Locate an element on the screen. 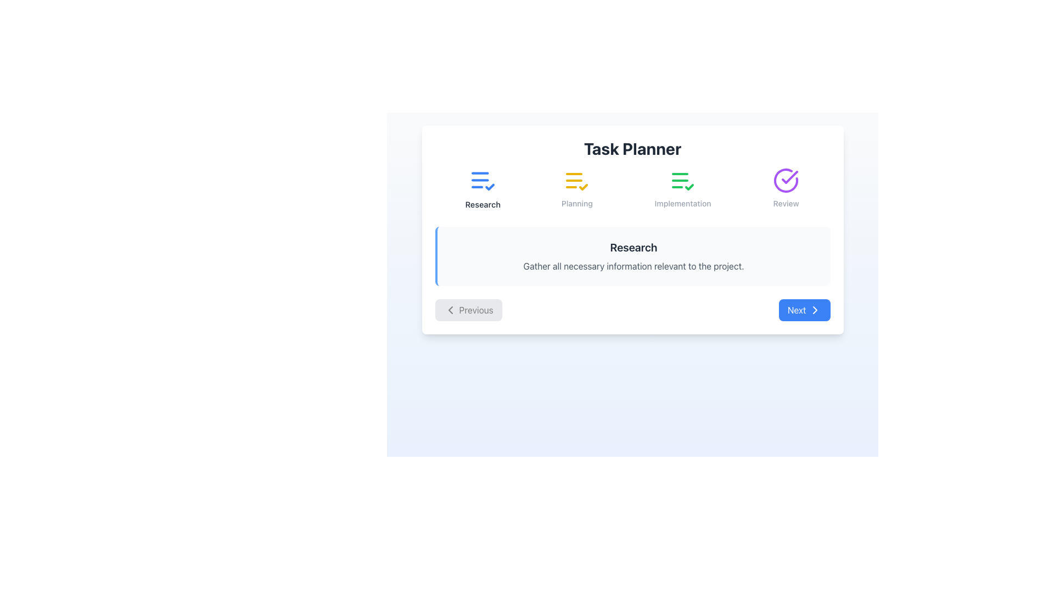 The height and width of the screenshot is (593, 1054). the status indicator icon representing the completion of the 'Review' stage, located in the task navigation bar at the far right, above the label 'Review' is located at coordinates (786, 180).